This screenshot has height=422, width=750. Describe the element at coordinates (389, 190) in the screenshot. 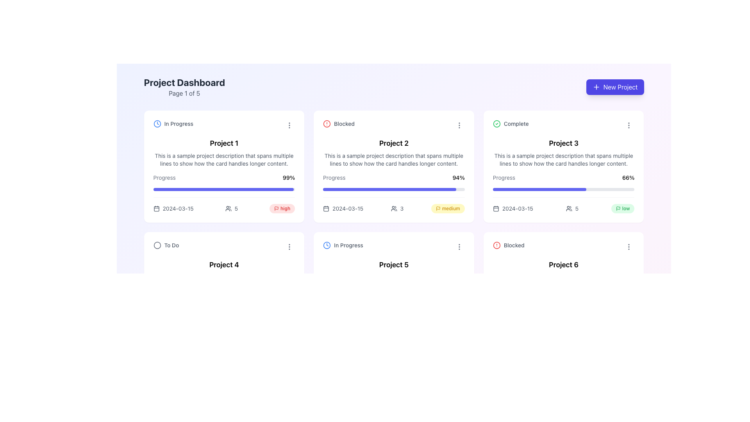

I see `progress indicator bar within the 'Project 2' card, which is a solid indigo-colored bar representing 94% progress in the project dashboard layout` at that location.